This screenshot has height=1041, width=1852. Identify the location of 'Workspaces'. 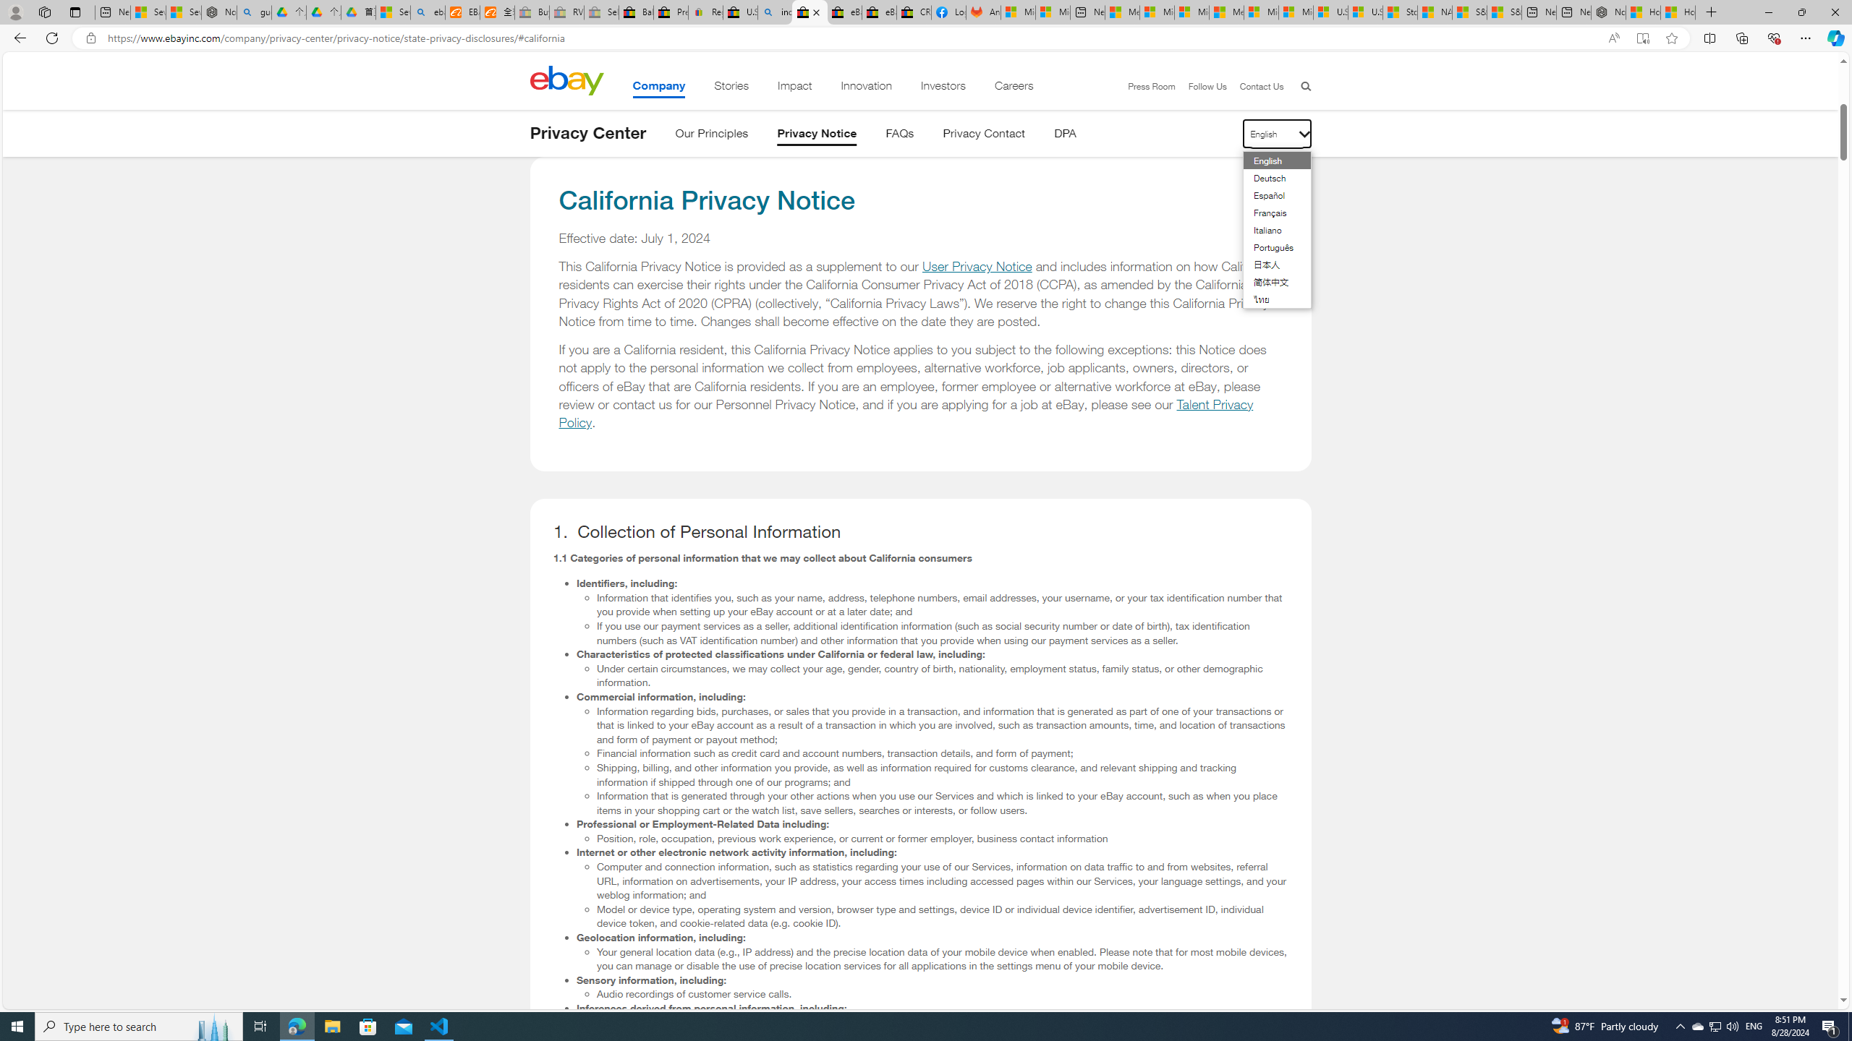
(44, 12).